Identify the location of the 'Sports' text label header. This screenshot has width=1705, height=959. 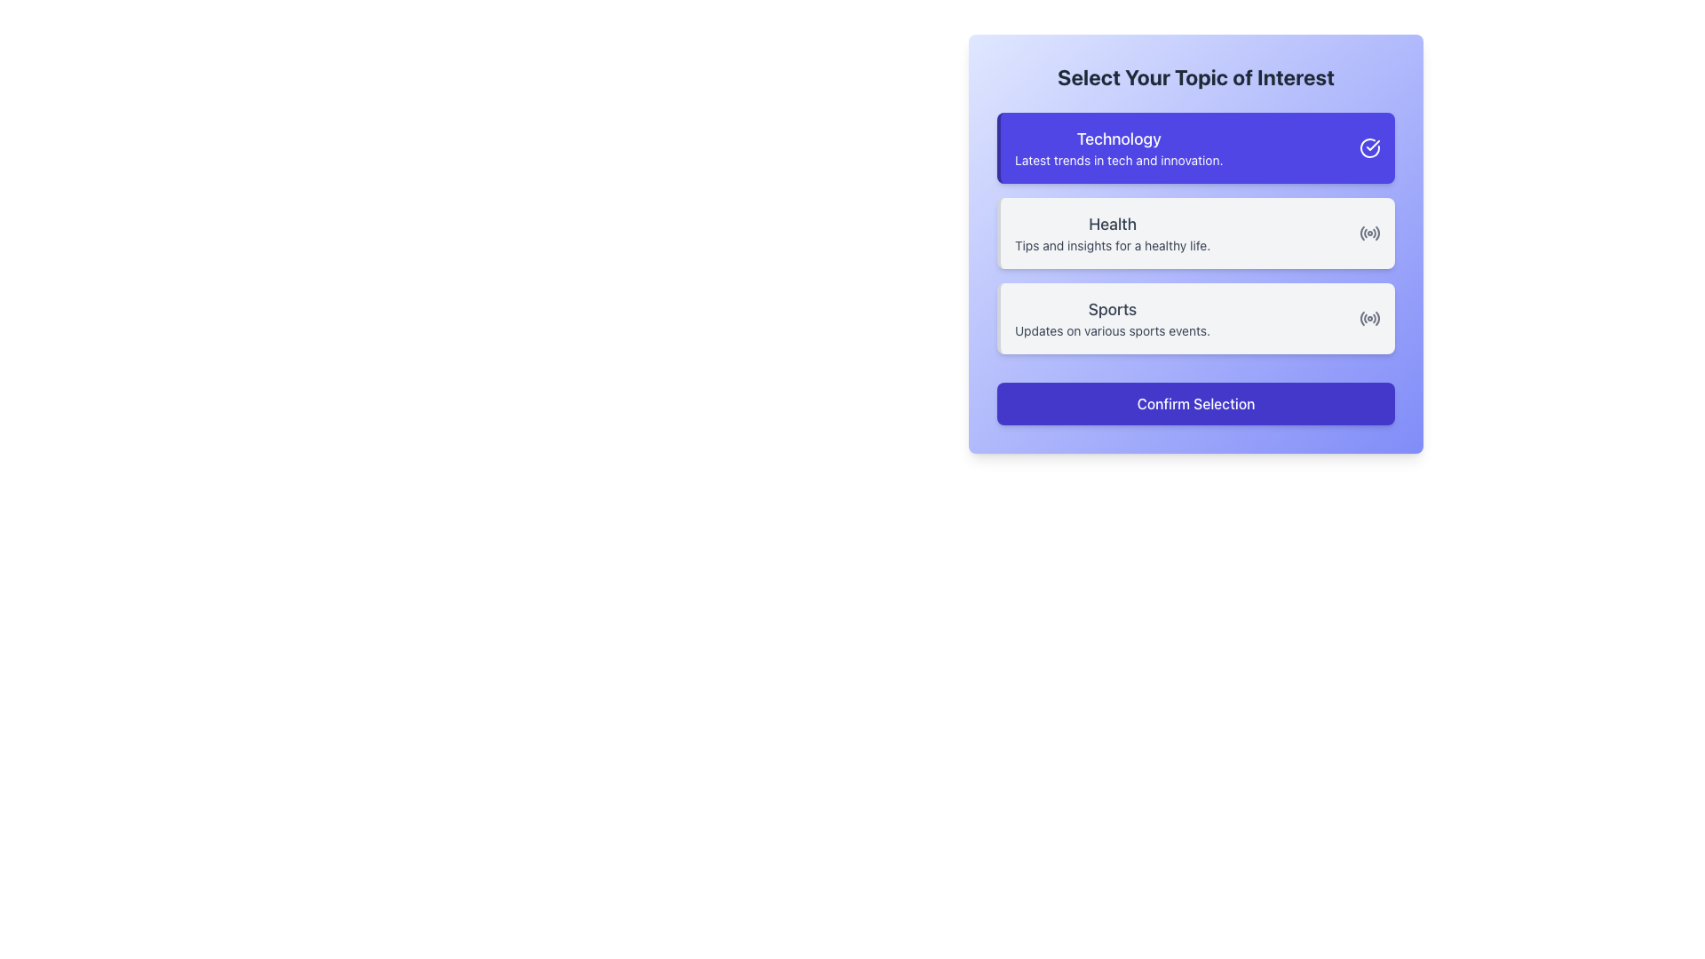
(1111, 308).